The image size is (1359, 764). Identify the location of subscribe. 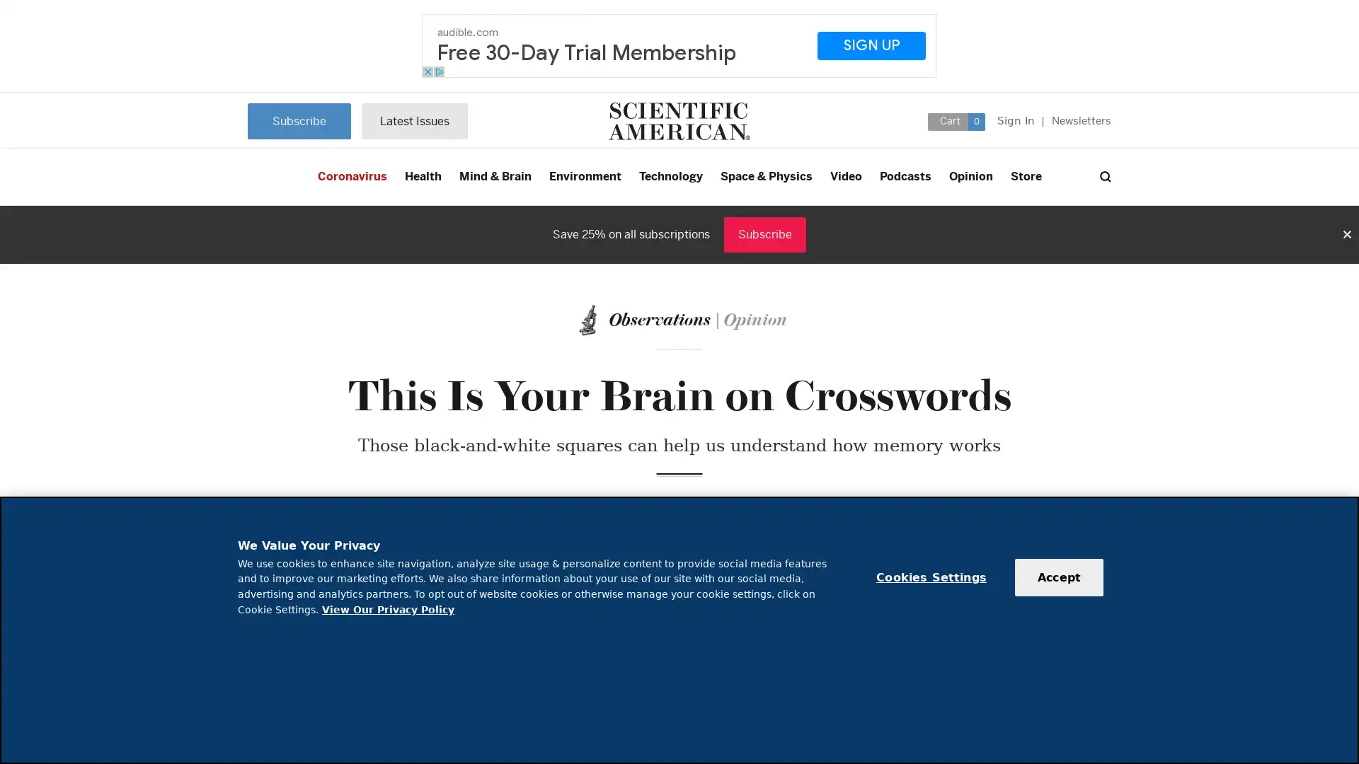
(413, 120).